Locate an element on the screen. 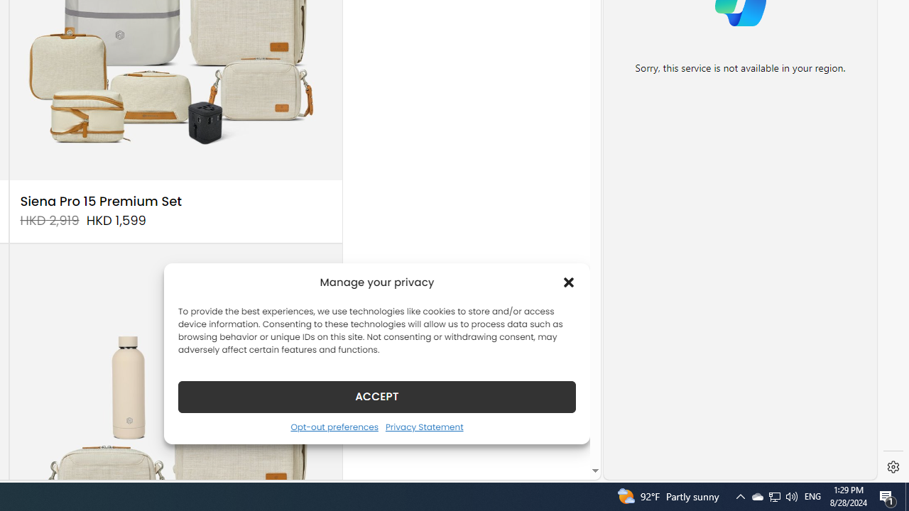 The width and height of the screenshot is (909, 511). 'Privacy Statement' is located at coordinates (423, 426).